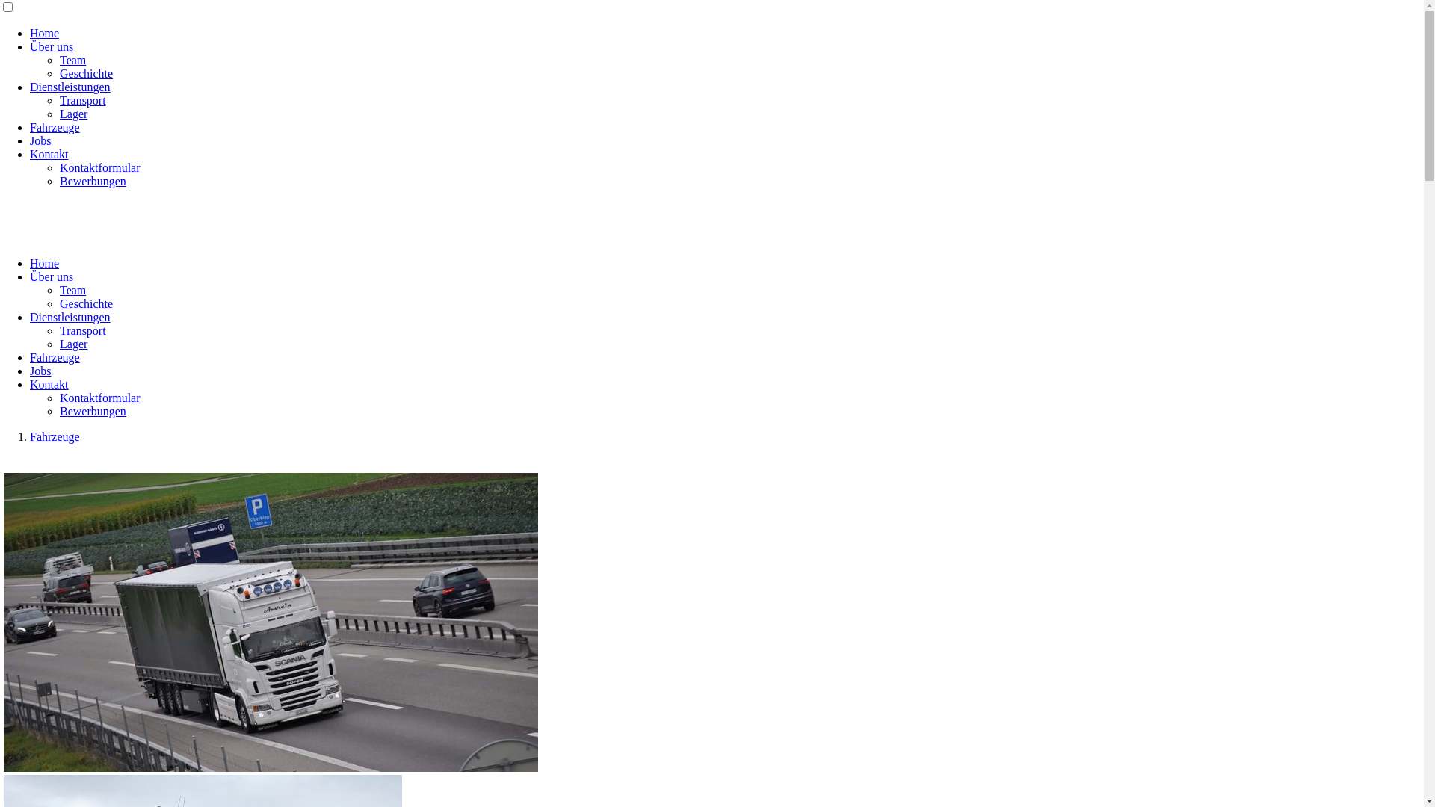  I want to click on 'Kontakt', so click(49, 383).